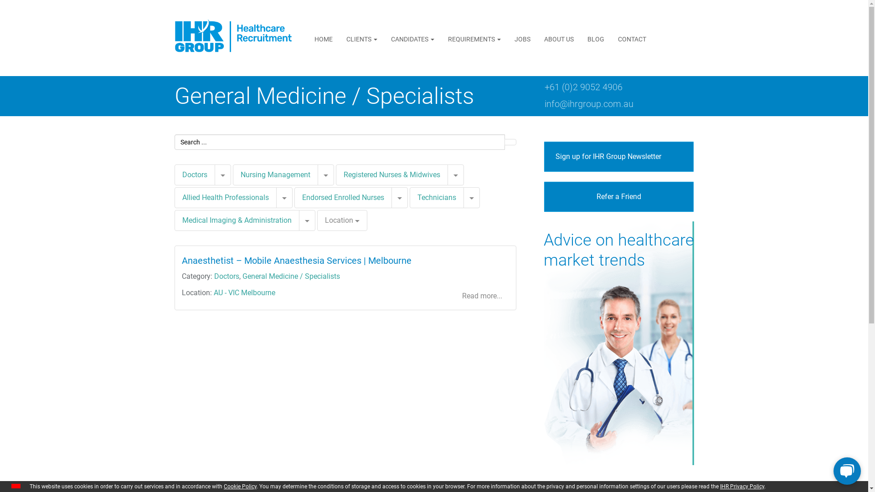  I want to click on 'General Medicine / Specialists', so click(290, 276).